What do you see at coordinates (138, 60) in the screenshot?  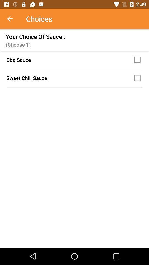 I see `check box complete` at bounding box center [138, 60].